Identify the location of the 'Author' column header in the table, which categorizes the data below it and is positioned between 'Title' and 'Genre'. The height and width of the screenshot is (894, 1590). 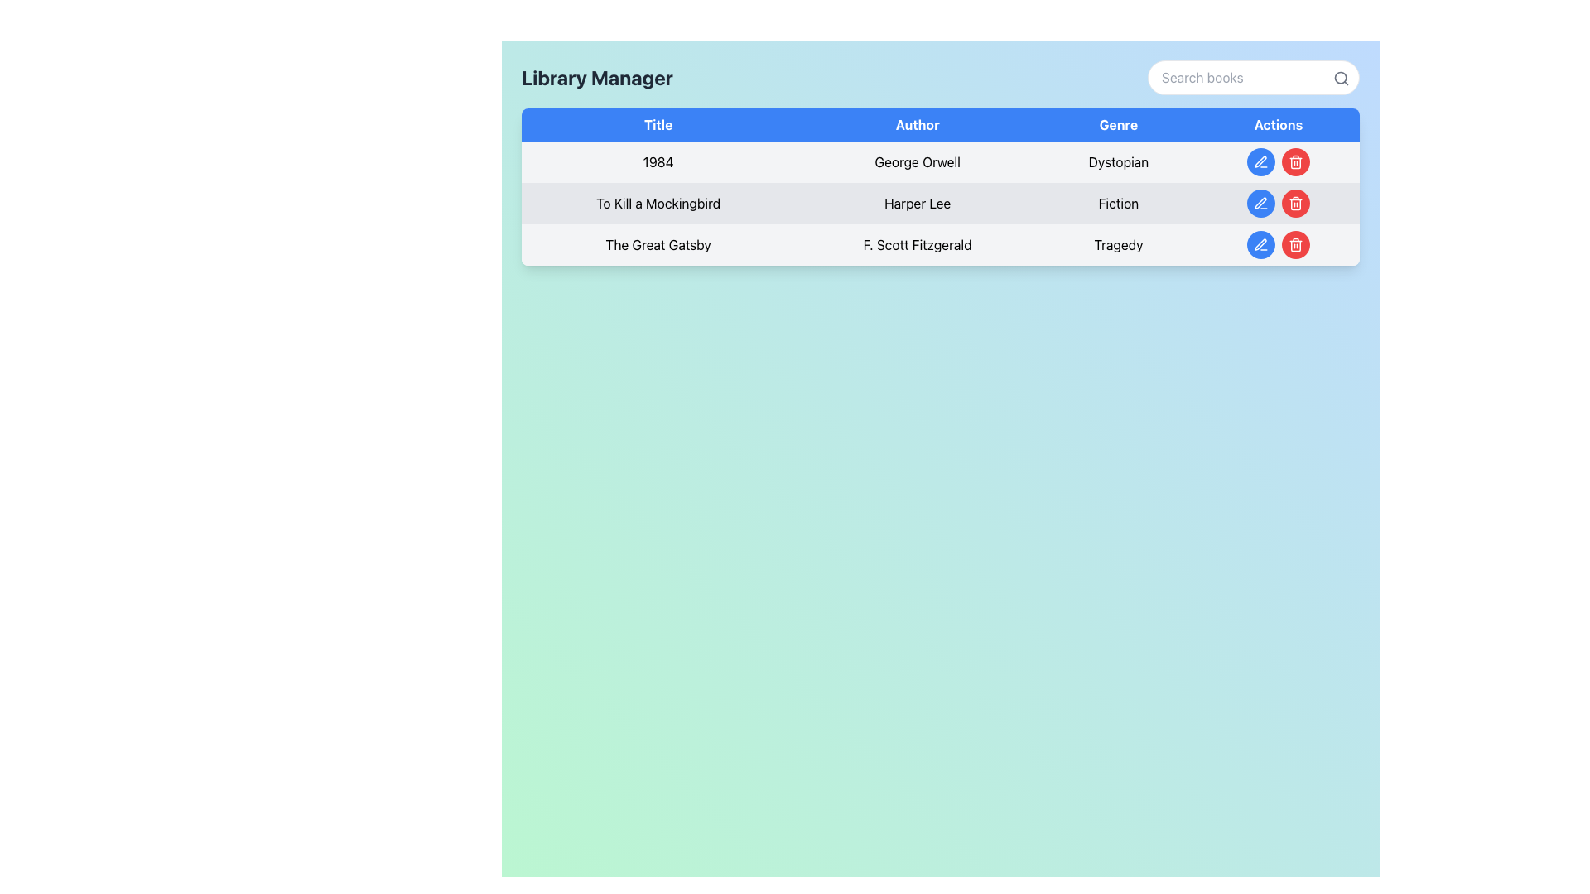
(917, 123).